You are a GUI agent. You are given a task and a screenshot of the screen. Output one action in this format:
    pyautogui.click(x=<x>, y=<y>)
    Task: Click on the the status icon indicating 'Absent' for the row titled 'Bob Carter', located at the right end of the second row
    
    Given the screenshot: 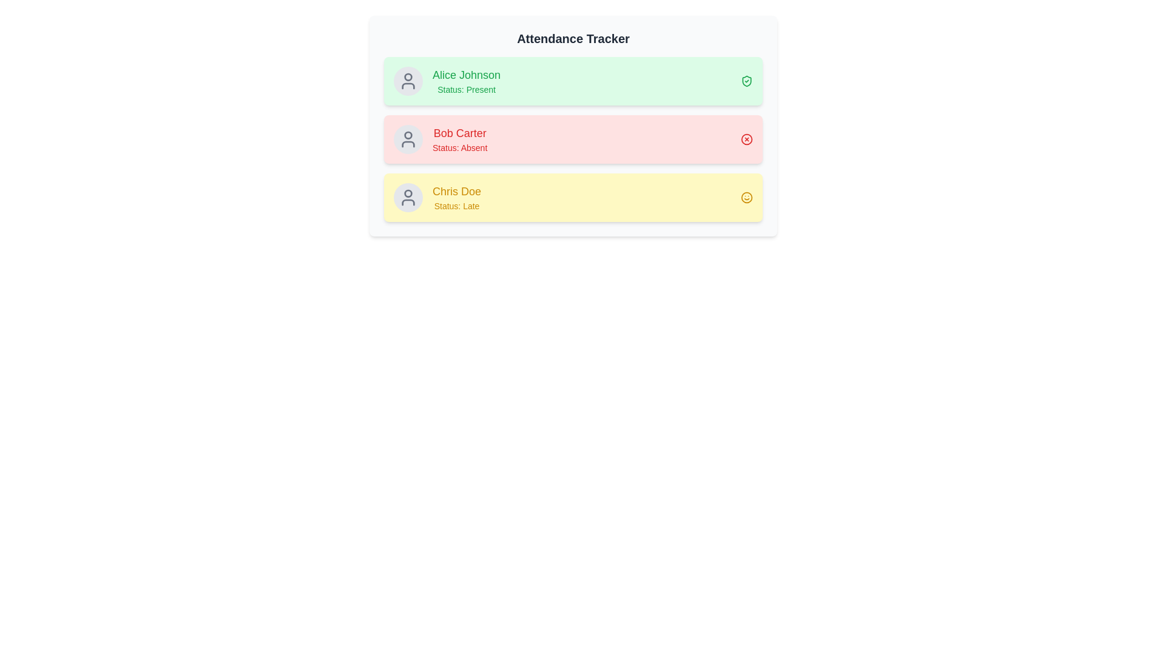 What is the action you would take?
    pyautogui.click(x=746, y=139)
    